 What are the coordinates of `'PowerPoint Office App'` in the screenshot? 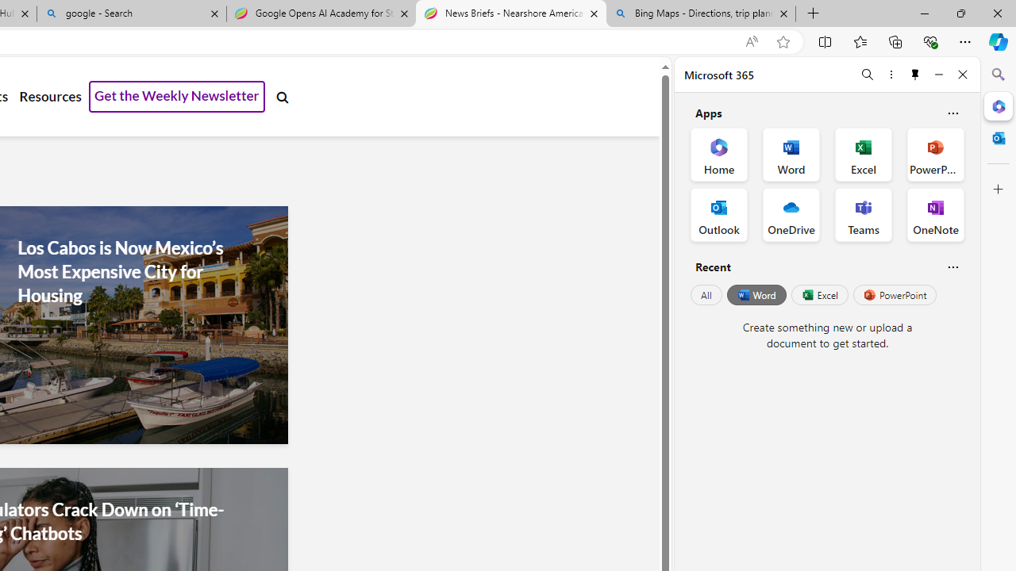 It's located at (935, 155).